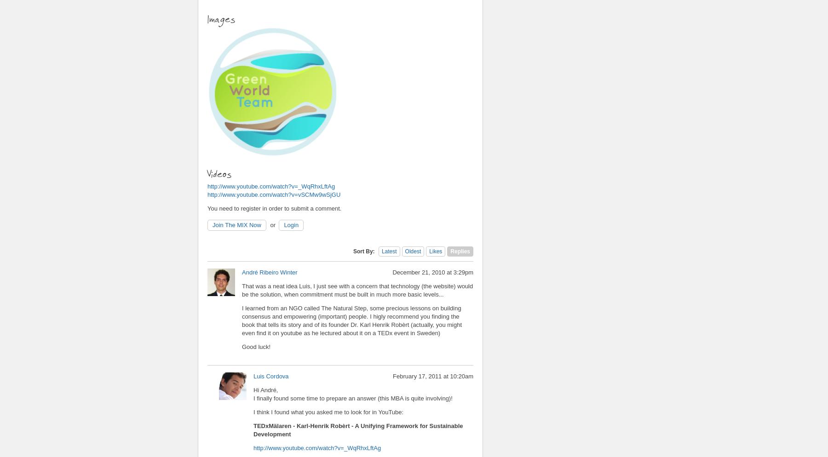 This screenshot has width=828, height=457. What do you see at coordinates (432, 272) in the screenshot?
I see `'December 21, 2010 at 3:29pm'` at bounding box center [432, 272].